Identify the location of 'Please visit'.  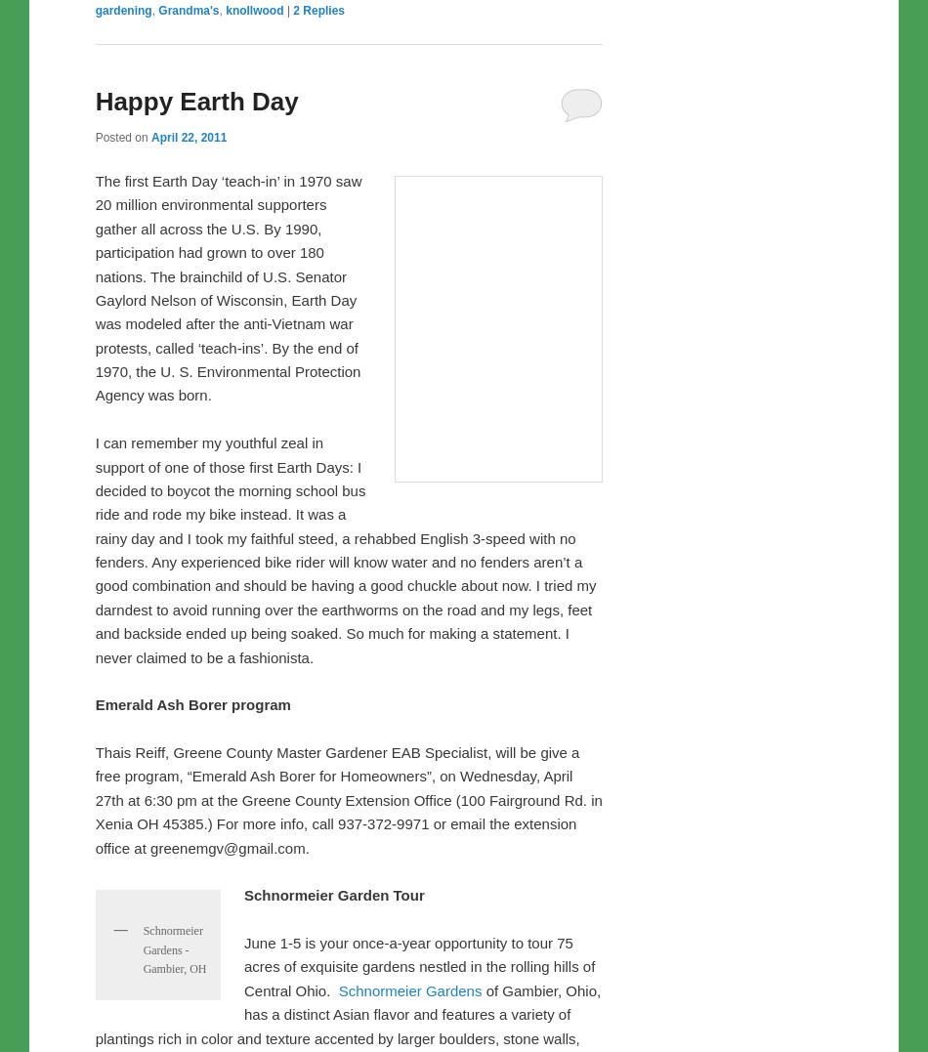
(94, 130).